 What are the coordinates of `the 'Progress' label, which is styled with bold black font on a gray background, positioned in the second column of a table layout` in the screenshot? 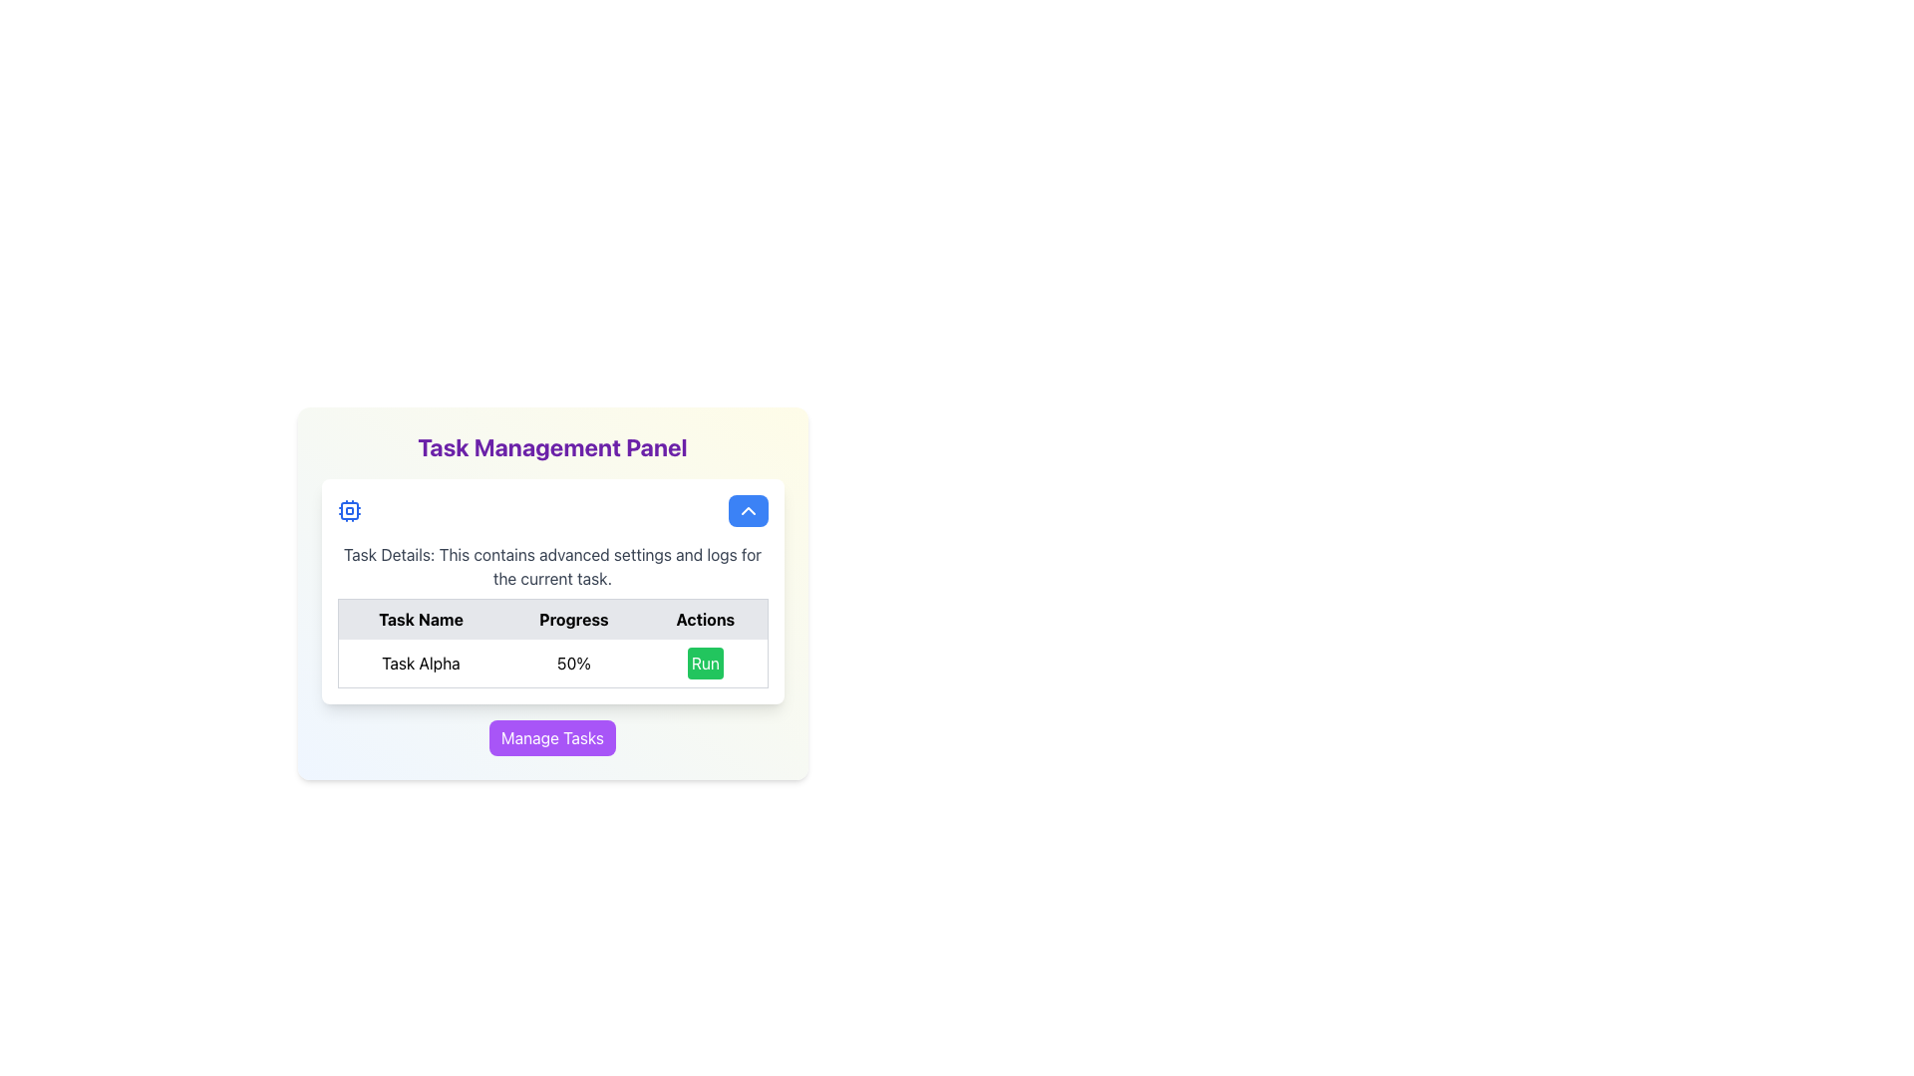 It's located at (572, 618).